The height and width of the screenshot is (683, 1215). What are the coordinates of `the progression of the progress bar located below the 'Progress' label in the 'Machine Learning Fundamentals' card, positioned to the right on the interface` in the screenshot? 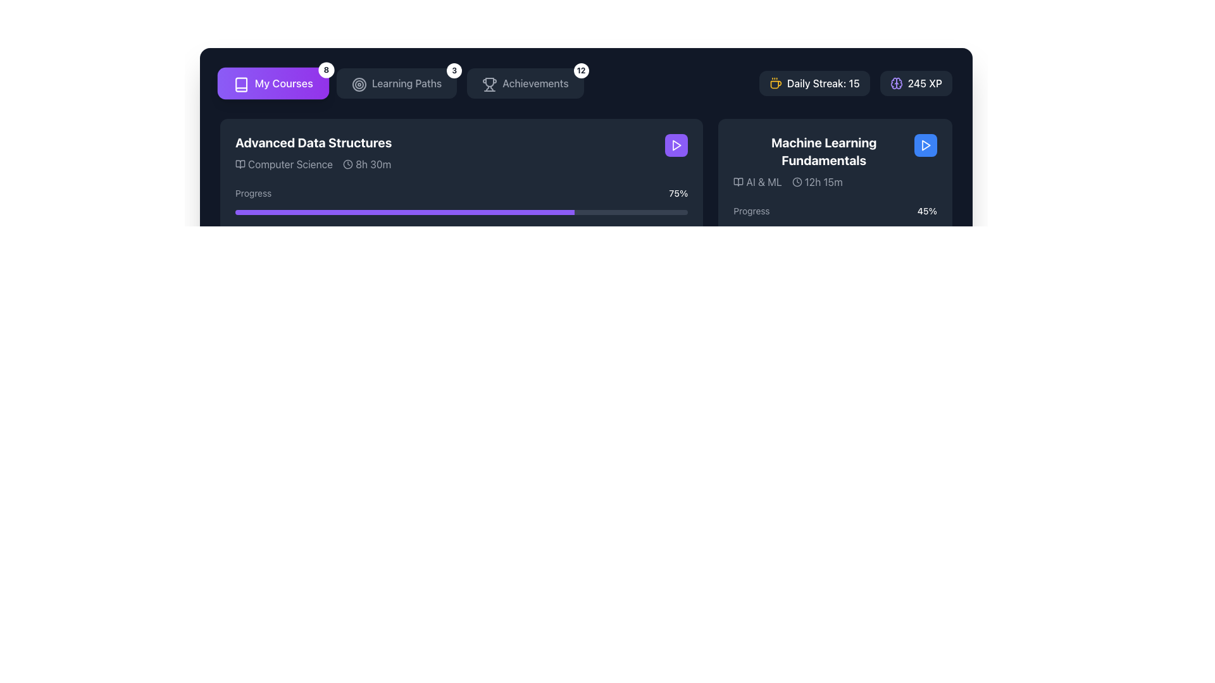 It's located at (778, 230).